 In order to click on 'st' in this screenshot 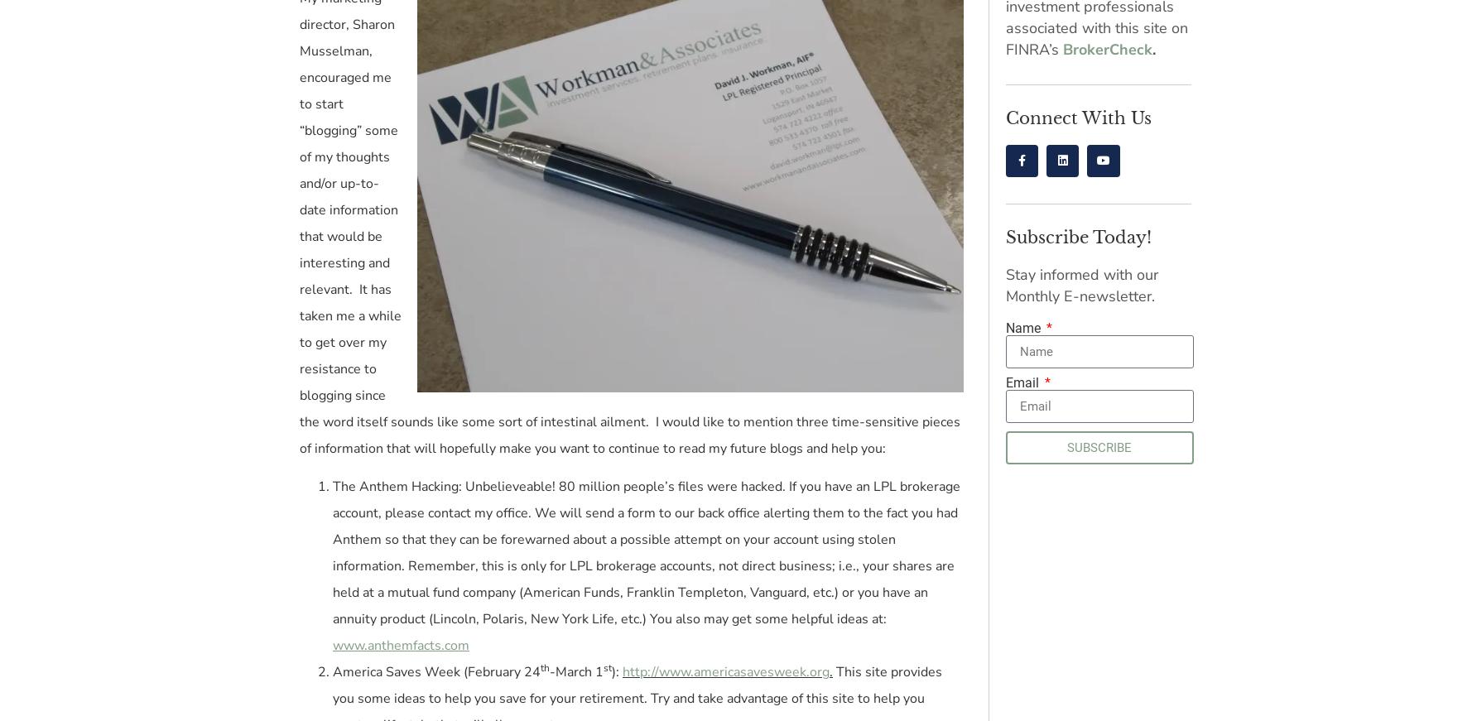, I will do `click(603, 667)`.